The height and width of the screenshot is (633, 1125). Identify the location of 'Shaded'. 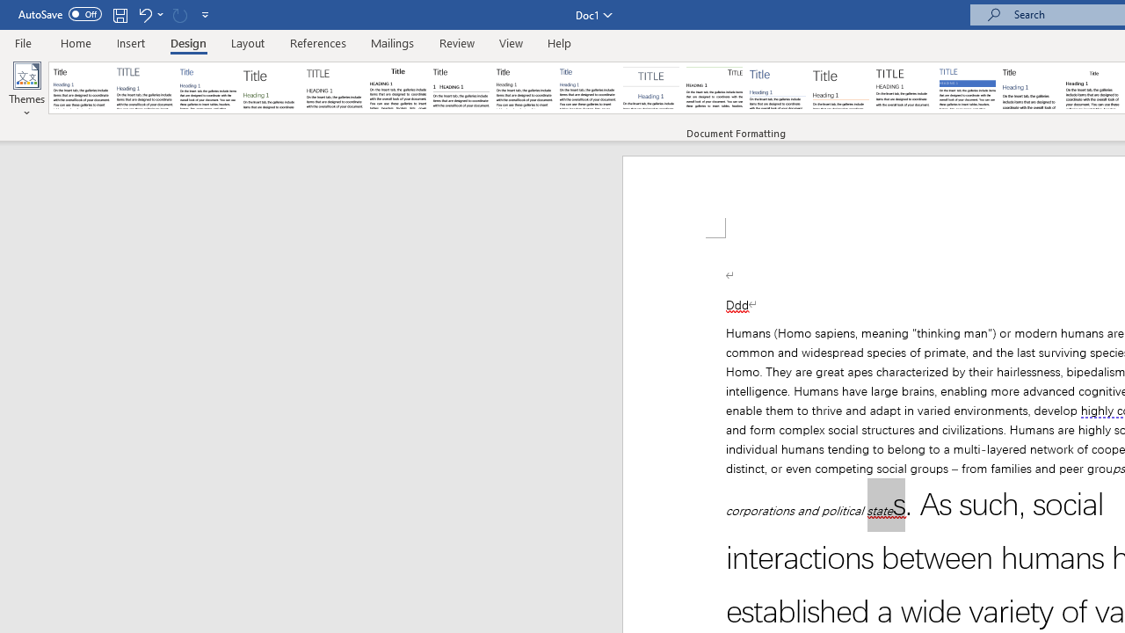
(966, 88).